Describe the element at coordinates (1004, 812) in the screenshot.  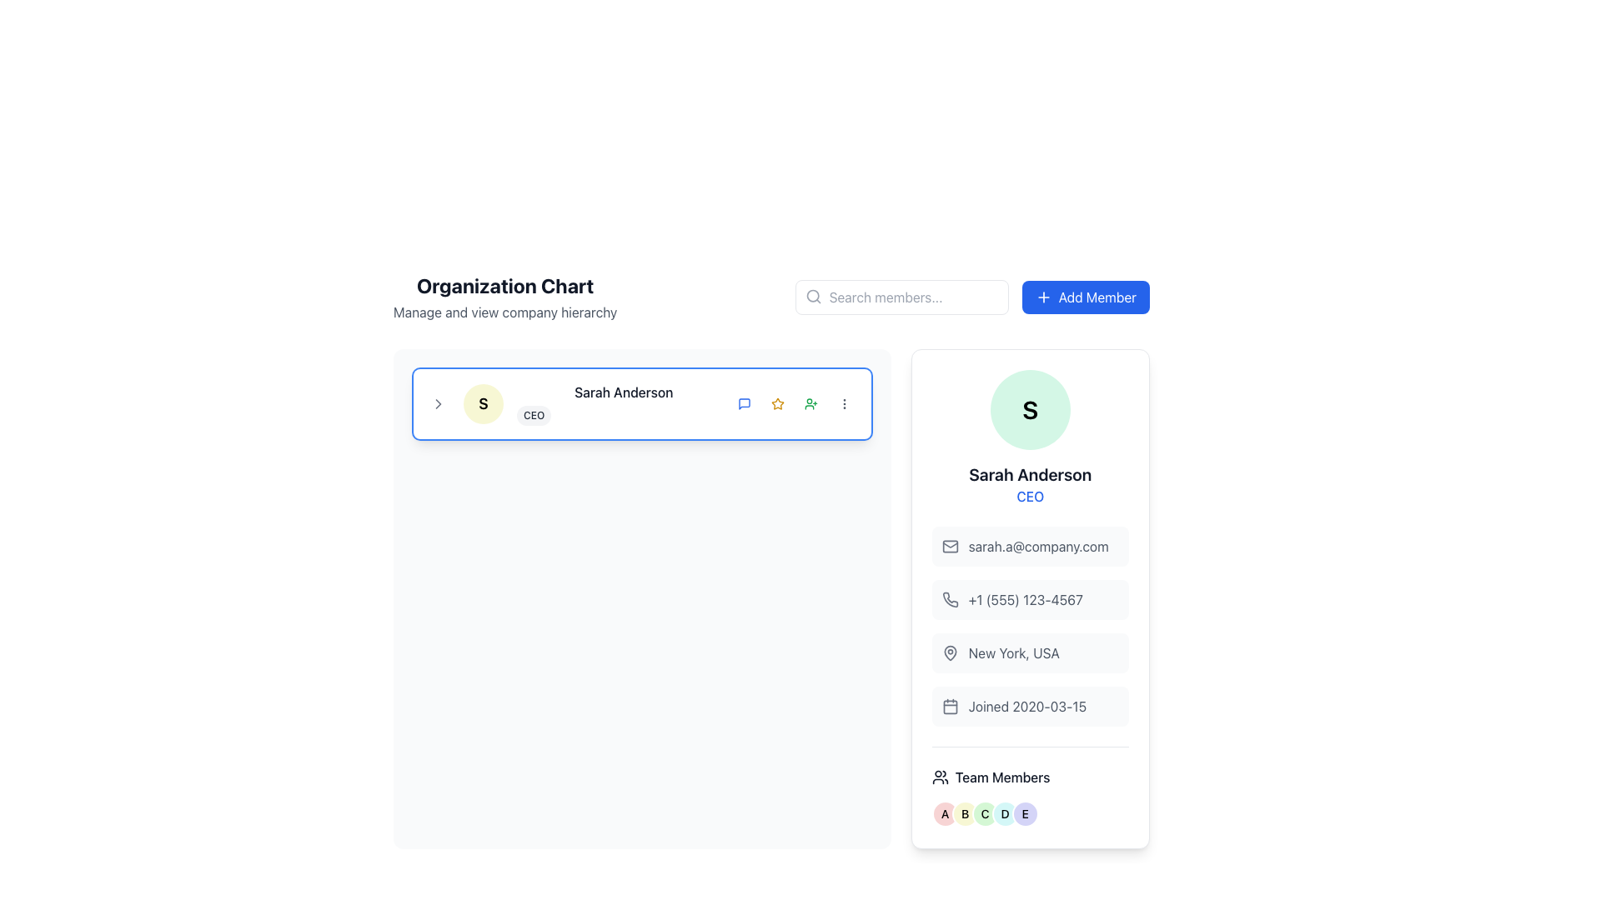
I see `the circular avatar representing team member 'D', which is the fourth avatar in the list under the 'Team Members' section` at that location.